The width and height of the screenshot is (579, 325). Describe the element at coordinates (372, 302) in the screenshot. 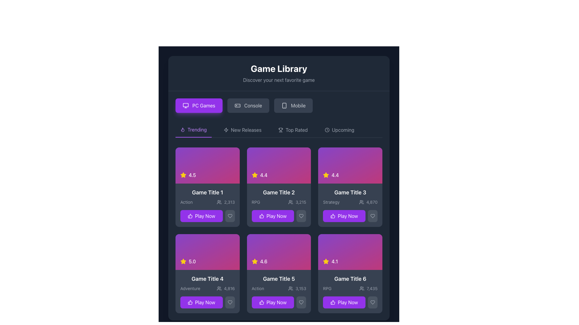

I see `the heart-shaped icon located at the bottom-right corner of the card for 'Game Title 6'` at that location.